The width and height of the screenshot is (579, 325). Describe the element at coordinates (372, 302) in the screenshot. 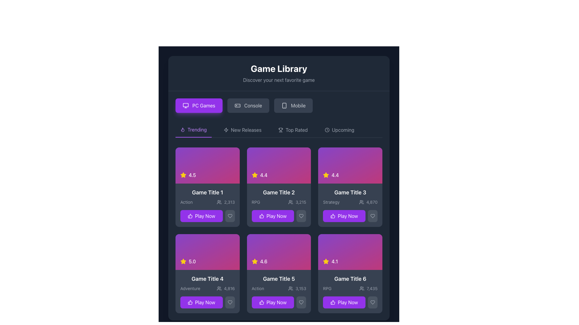

I see `the heart-shaped icon located at the bottom-right corner of the card for 'Game Title 6'` at that location.